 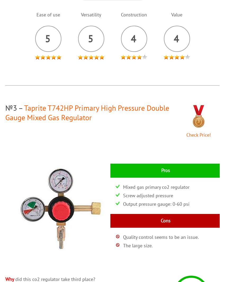 What do you see at coordinates (5, 108) in the screenshot?
I see `'№3 –'` at bounding box center [5, 108].